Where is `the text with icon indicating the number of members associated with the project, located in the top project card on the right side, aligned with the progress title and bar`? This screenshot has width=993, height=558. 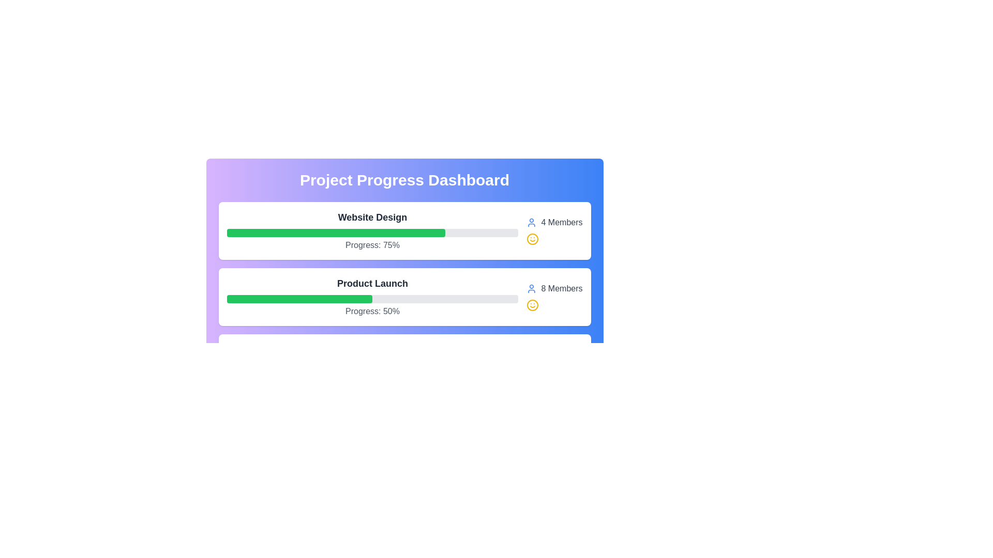 the text with icon indicating the number of members associated with the project, located in the top project card on the right side, aligned with the progress title and bar is located at coordinates (554, 230).